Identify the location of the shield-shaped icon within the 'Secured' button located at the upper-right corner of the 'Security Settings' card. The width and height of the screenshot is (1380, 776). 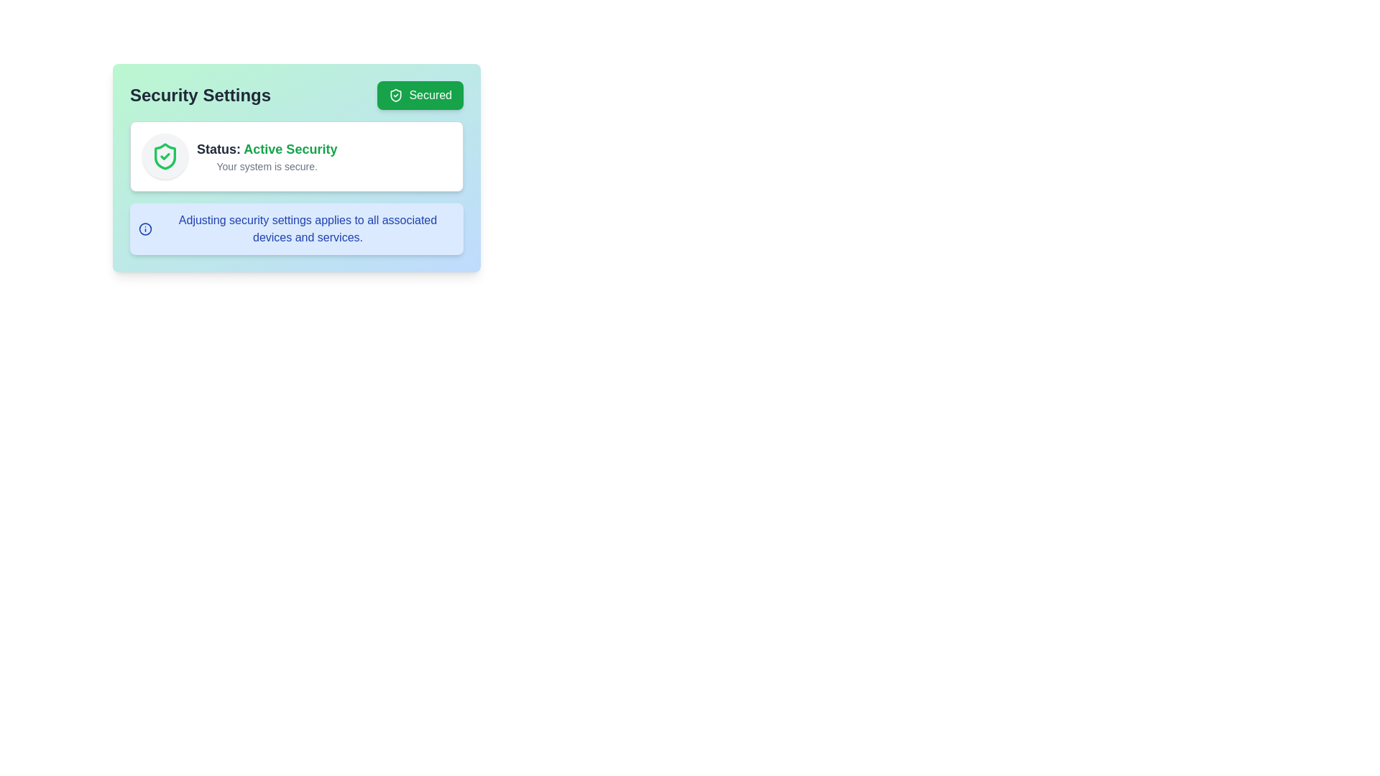
(396, 95).